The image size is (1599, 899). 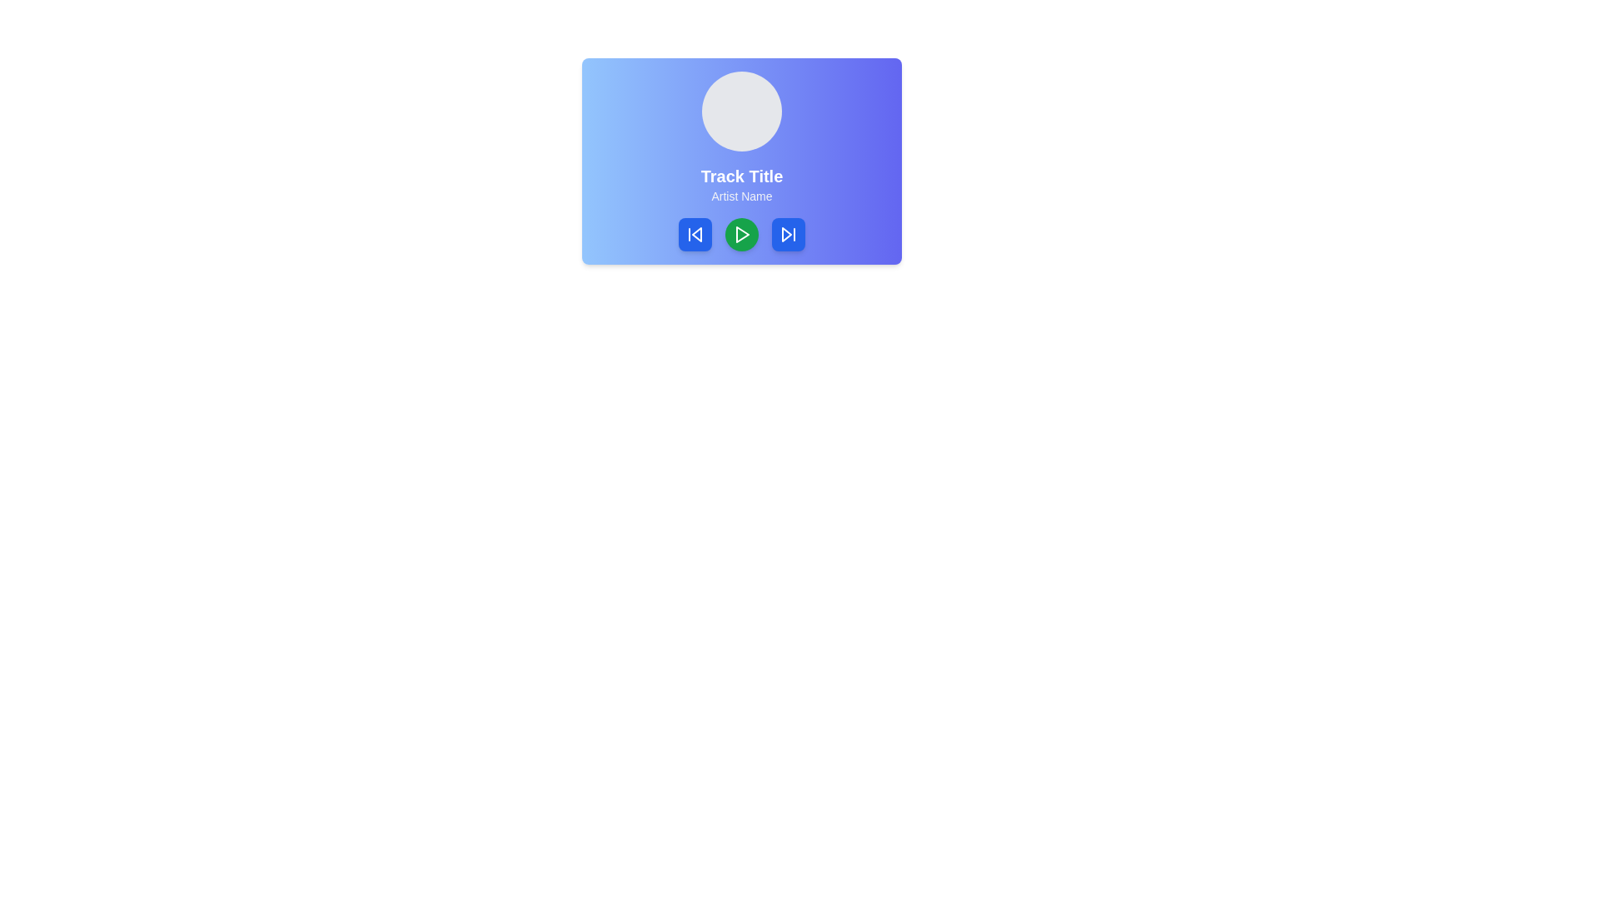 I want to click on the circular green button with a white play icon, located below the text 'Track Title' and 'Artist Name', centered horizontally among three buttons, so click(x=741, y=234).